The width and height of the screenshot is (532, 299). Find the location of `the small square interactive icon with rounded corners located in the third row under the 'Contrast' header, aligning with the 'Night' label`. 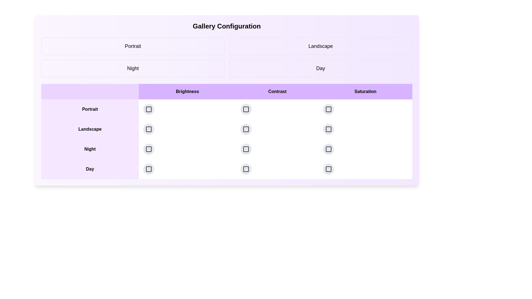

the small square interactive icon with rounded corners located in the third row under the 'Contrast' header, aligning with the 'Night' label is located at coordinates (246, 149).